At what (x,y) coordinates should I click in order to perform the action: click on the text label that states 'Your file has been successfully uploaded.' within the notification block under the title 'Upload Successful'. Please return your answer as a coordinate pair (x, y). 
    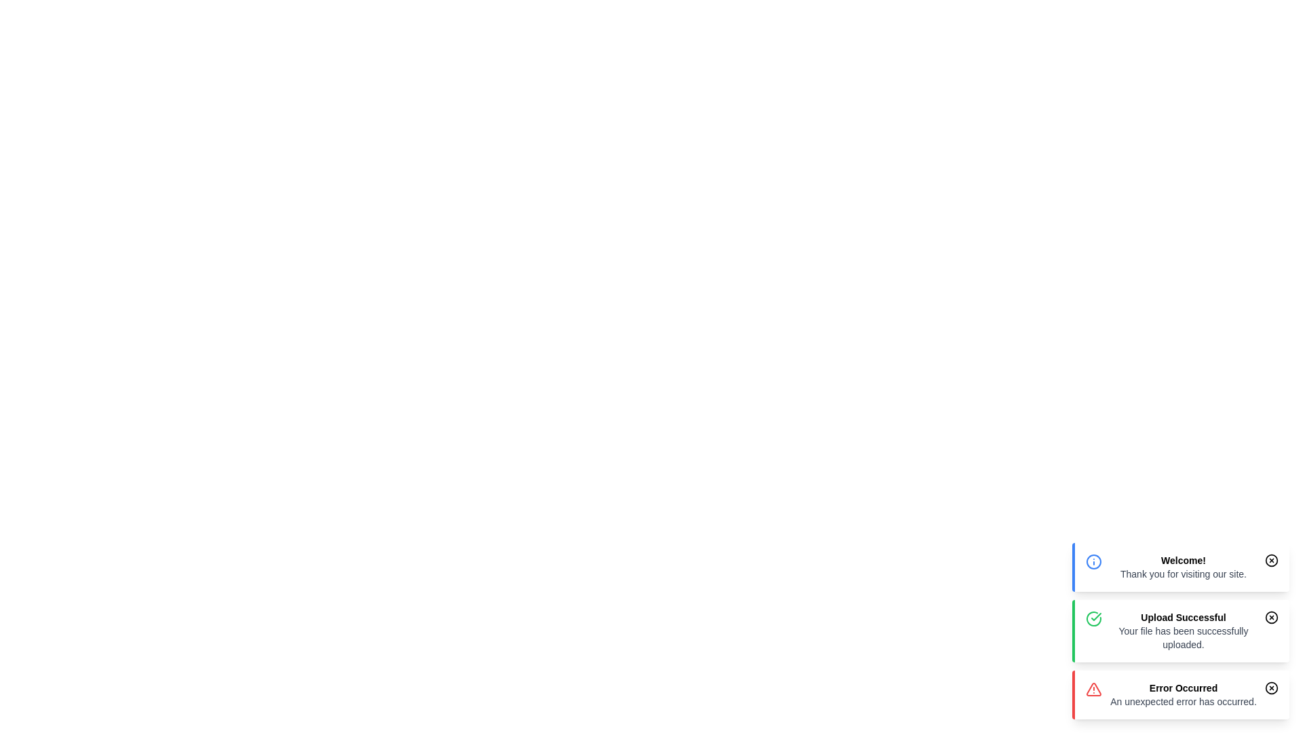
    Looking at the image, I should click on (1182, 638).